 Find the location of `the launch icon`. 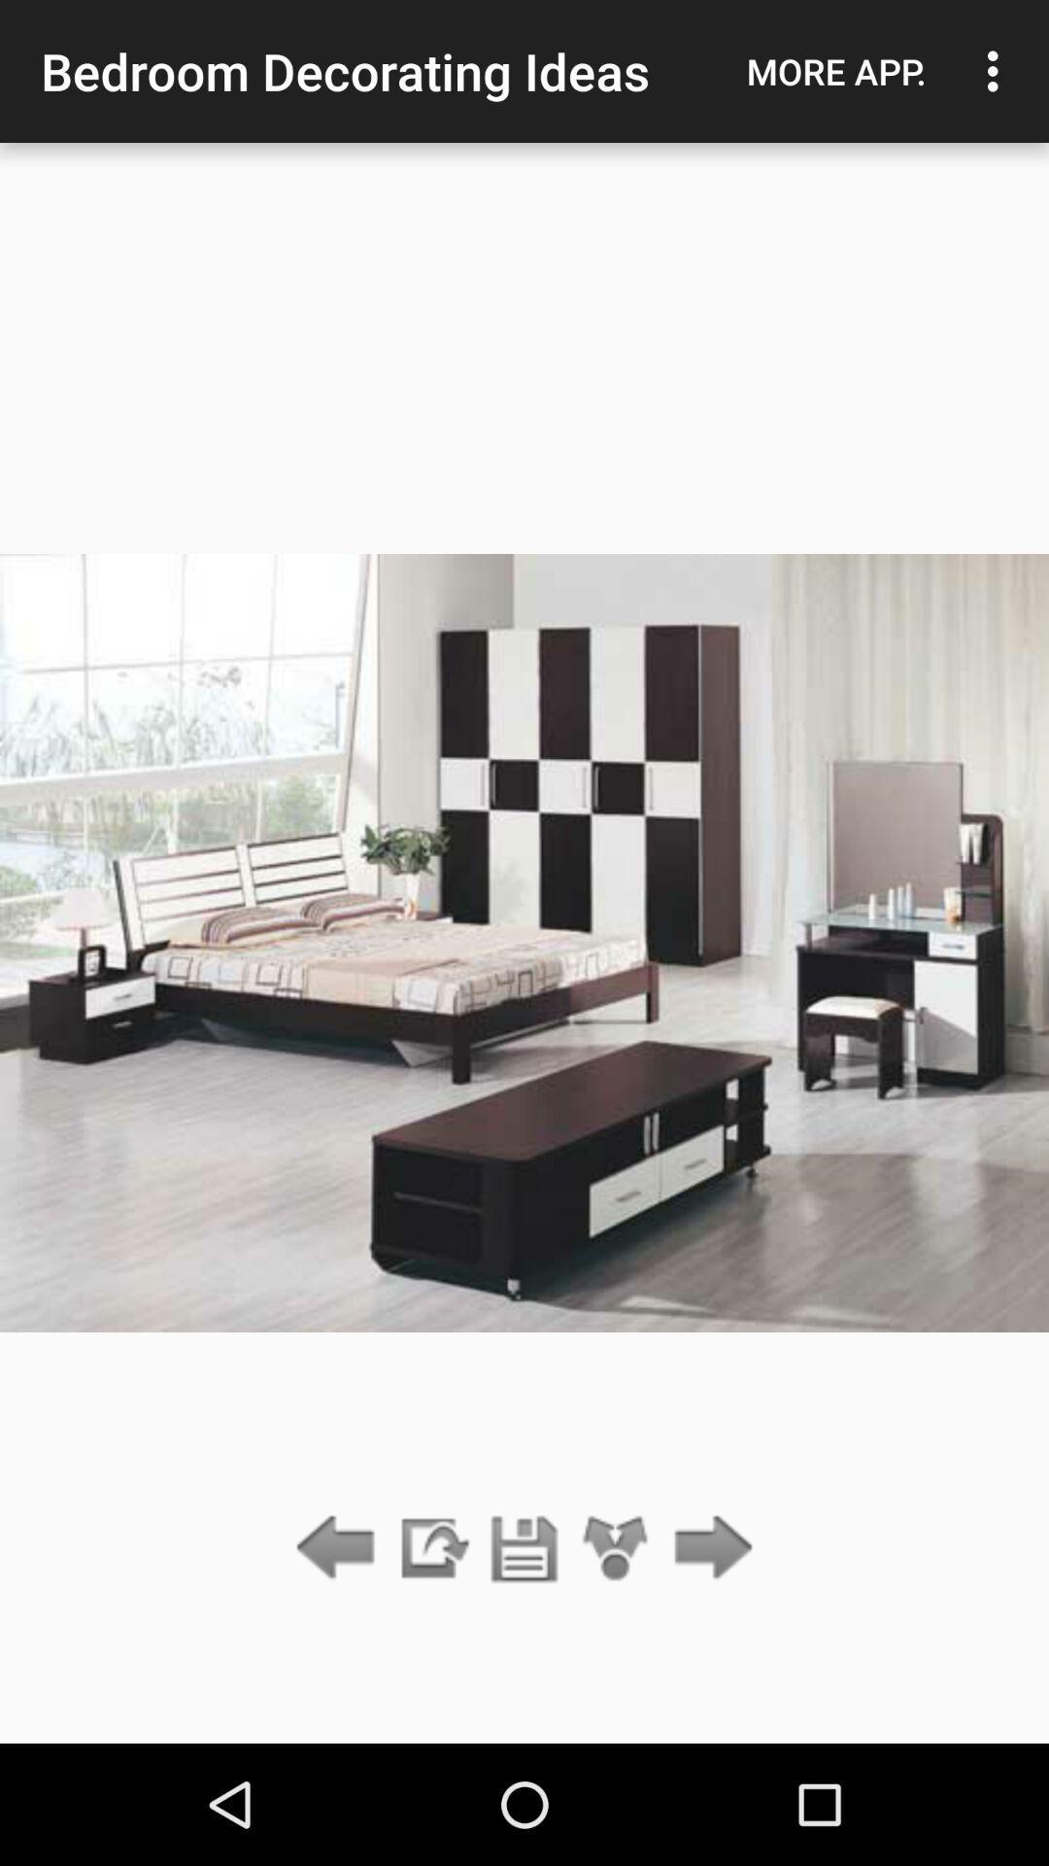

the launch icon is located at coordinates (431, 1548).